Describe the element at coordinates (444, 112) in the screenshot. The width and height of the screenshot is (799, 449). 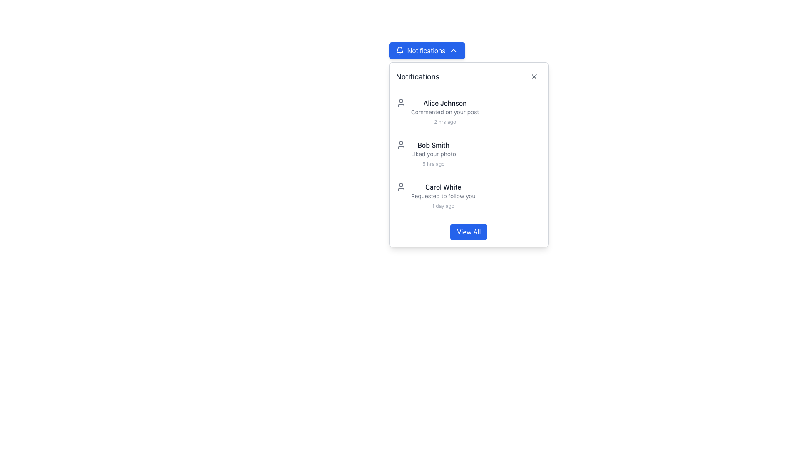
I see `text label stating 'Commented on your post' which is styled in small gray font and is positioned below 'Alice Johnson' in the notifications panel` at that location.